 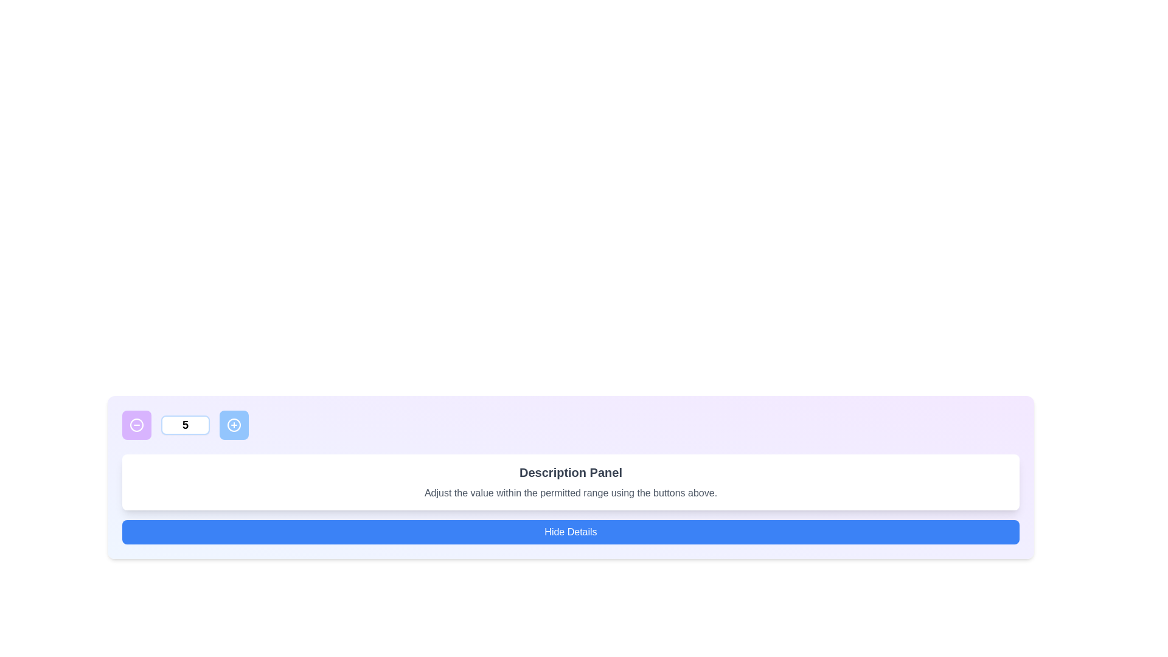 What do you see at coordinates (570, 471) in the screenshot?
I see `the Header Text element located above the descriptive paragraph, which introduces the purpose of the section` at bounding box center [570, 471].